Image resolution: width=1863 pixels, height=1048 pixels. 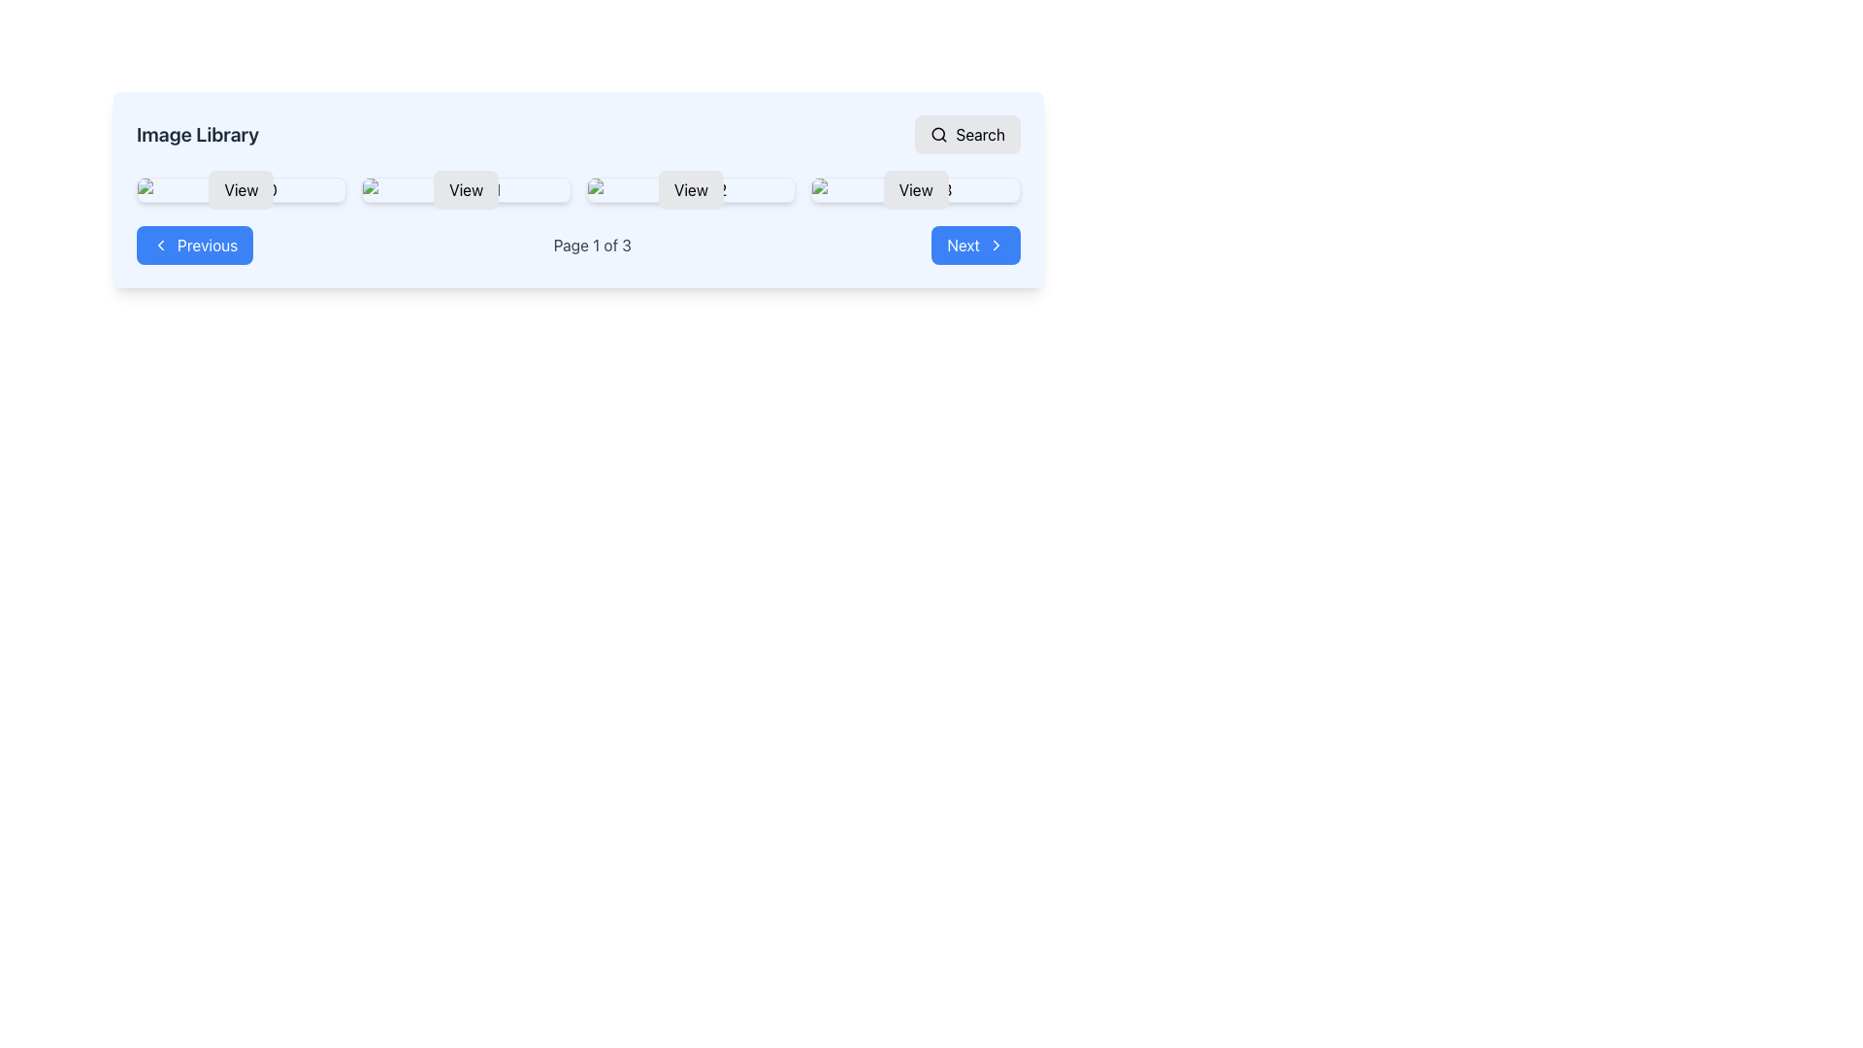 What do you see at coordinates (997, 245) in the screenshot?
I see `the rightward chevron arrow icon located near the blue 'Next' button to move to the next step` at bounding box center [997, 245].